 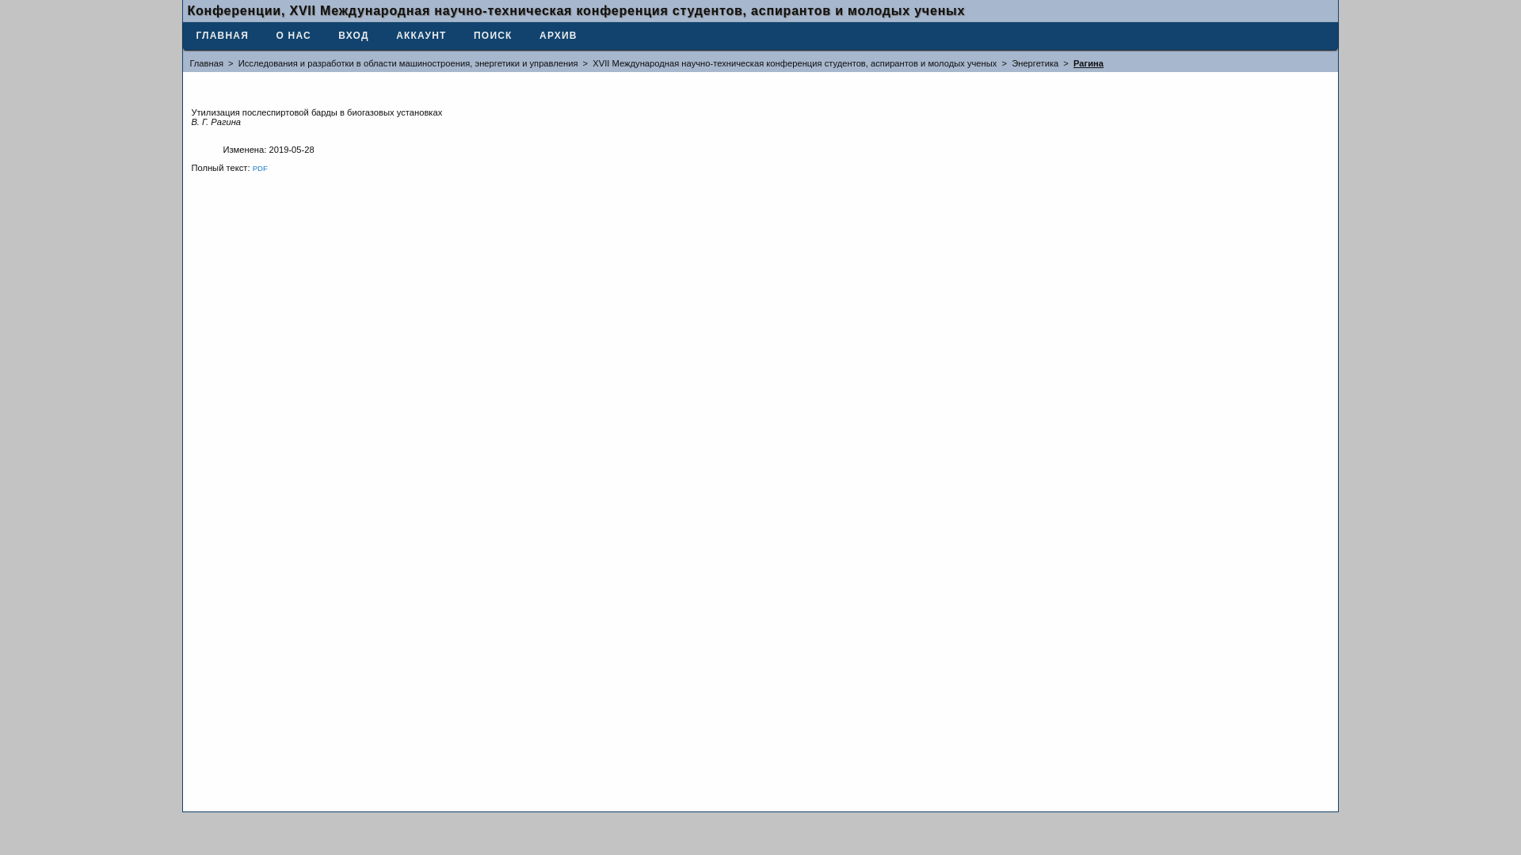 What do you see at coordinates (260, 168) in the screenshot?
I see `'PDF'` at bounding box center [260, 168].